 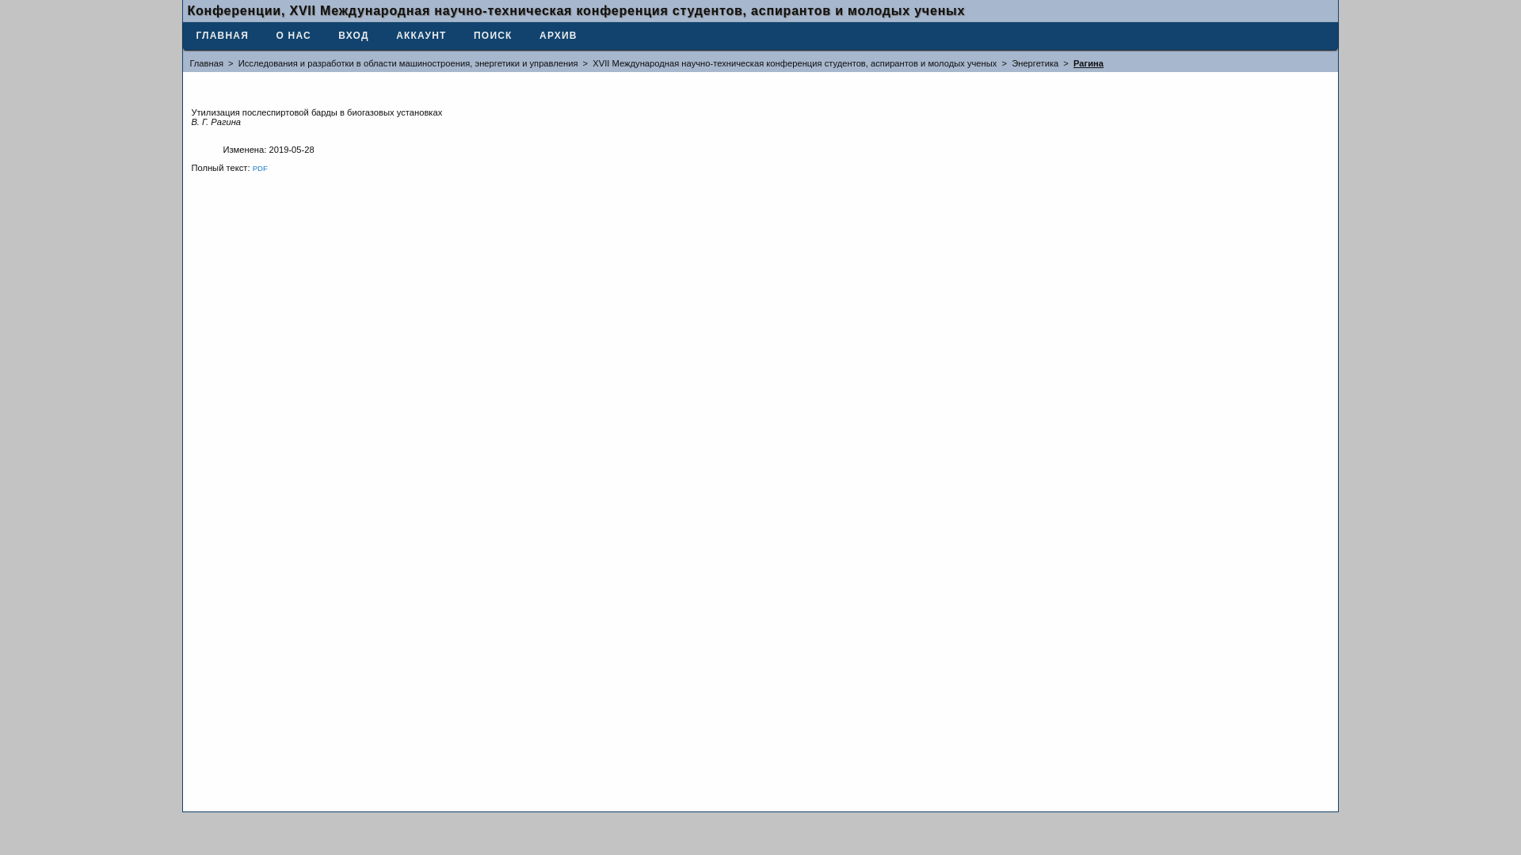 What do you see at coordinates (260, 168) in the screenshot?
I see `'PDF'` at bounding box center [260, 168].